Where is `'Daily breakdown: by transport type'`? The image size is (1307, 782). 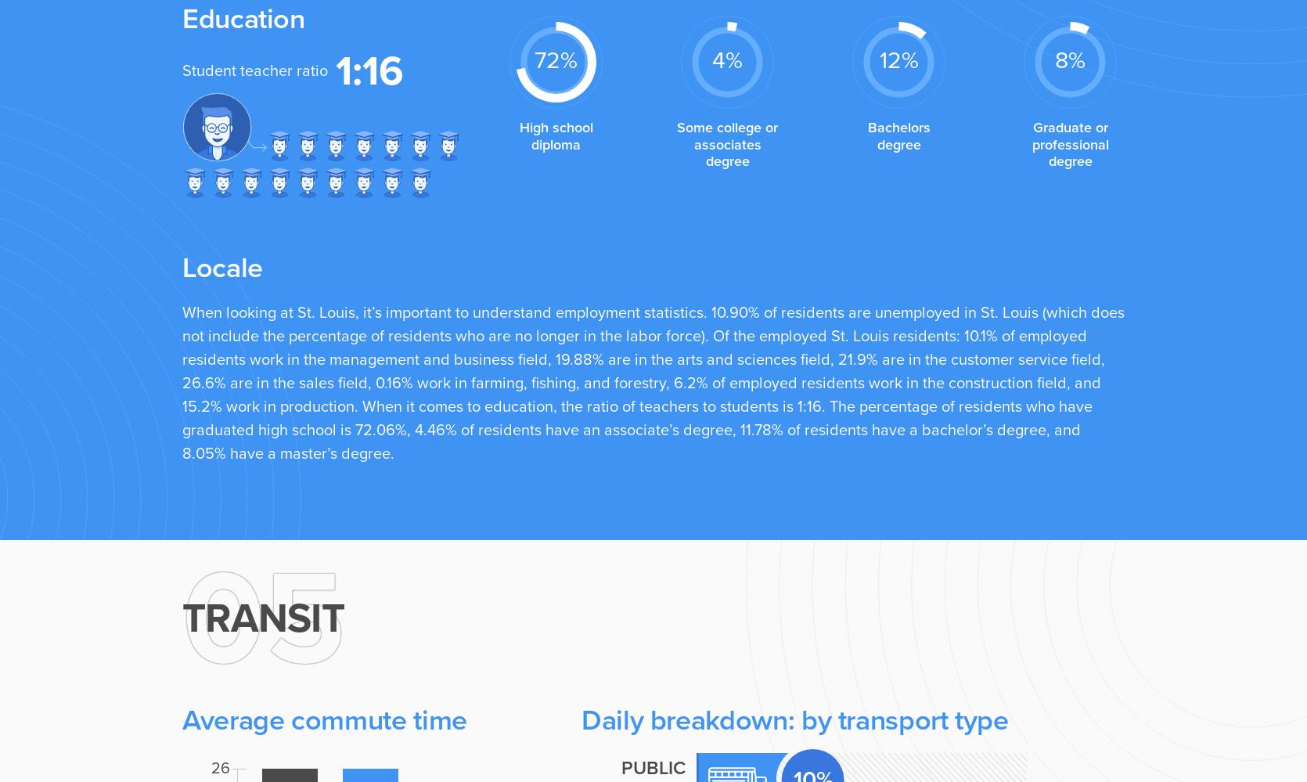 'Daily breakdown: by transport type' is located at coordinates (794, 719).